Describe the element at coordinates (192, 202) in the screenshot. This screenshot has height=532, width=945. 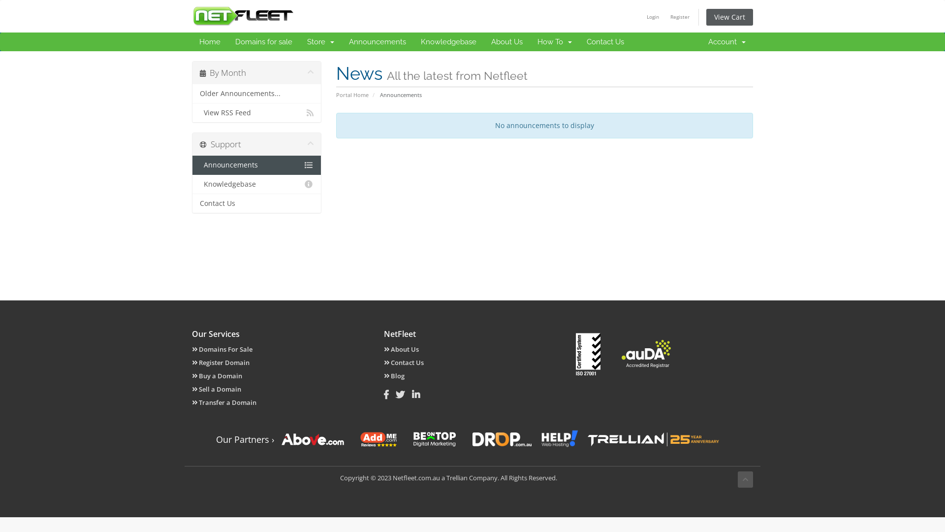
I see `'Contact Us'` at that location.